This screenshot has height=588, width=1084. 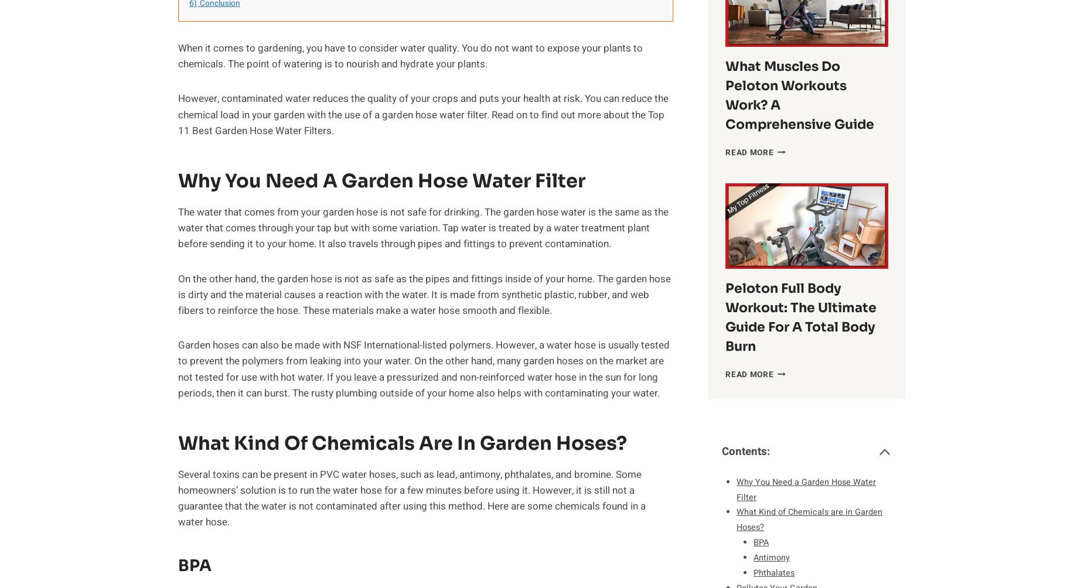 I want to click on 'Phthalates', so click(x=773, y=572).